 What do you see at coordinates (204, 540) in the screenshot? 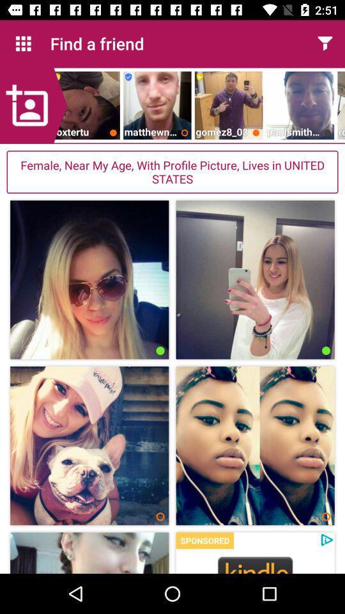
I see `the sponsored` at bounding box center [204, 540].